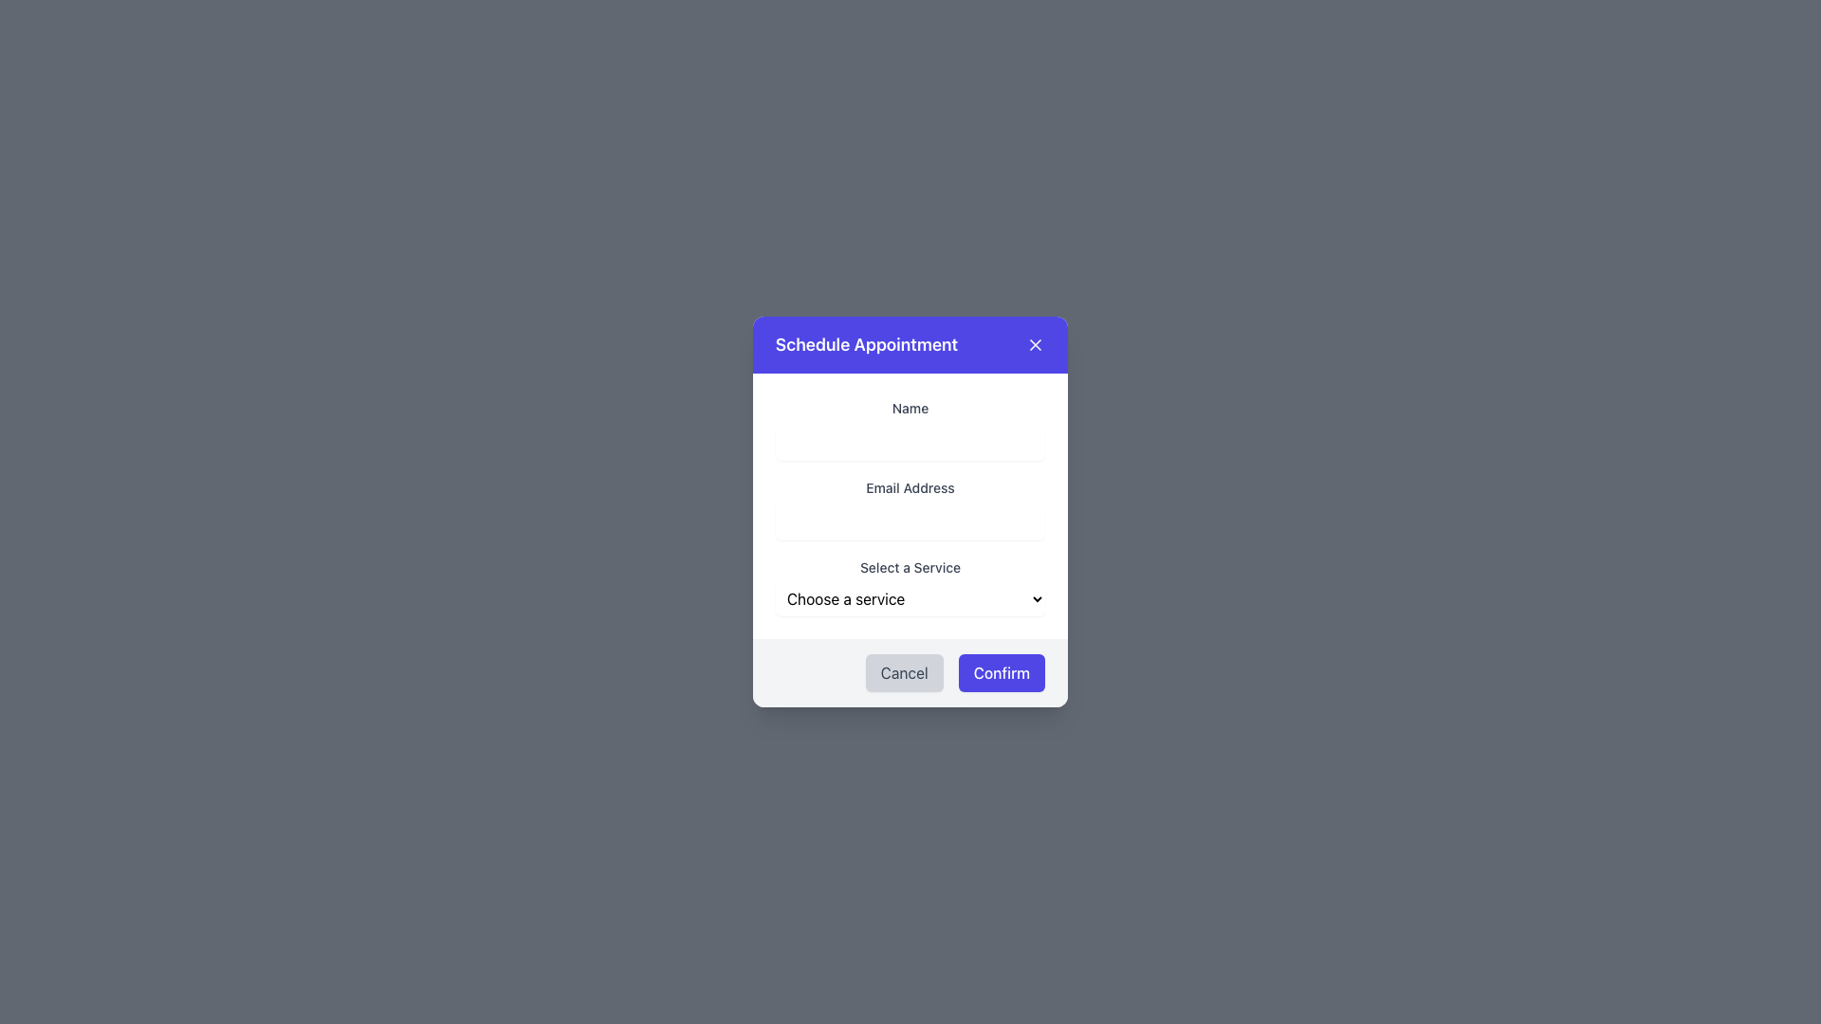 This screenshot has height=1024, width=1821. Describe the element at coordinates (1001, 671) in the screenshot. I see `the 'Confirm' button with a blue background and white text located at the bottom-right corner of the dialog box to change its background color to dark blue` at that location.